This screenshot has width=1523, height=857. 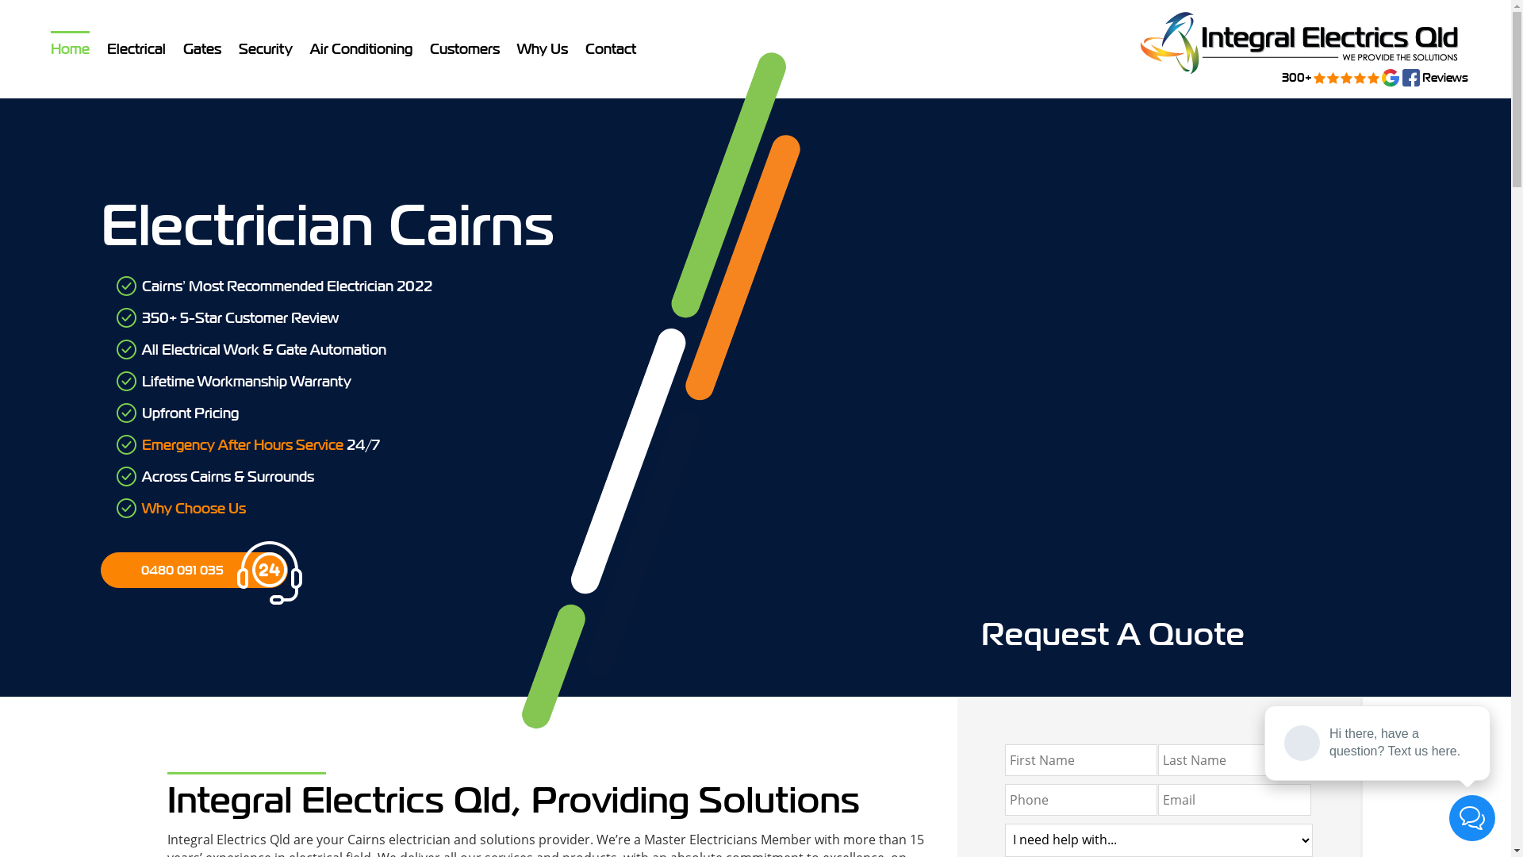 What do you see at coordinates (69, 48) in the screenshot?
I see `'Home'` at bounding box center [69, 48].